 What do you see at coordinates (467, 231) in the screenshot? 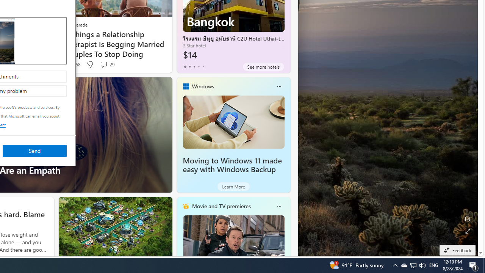
I see `'Expand background'` at bounding box center [467, 231].